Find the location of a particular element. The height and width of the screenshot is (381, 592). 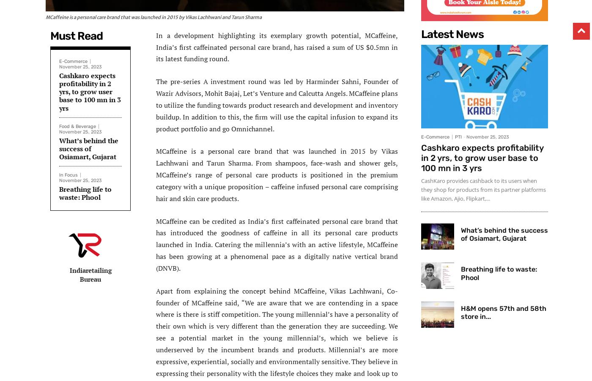

'In Focus' is located at coordinates (68, 175).